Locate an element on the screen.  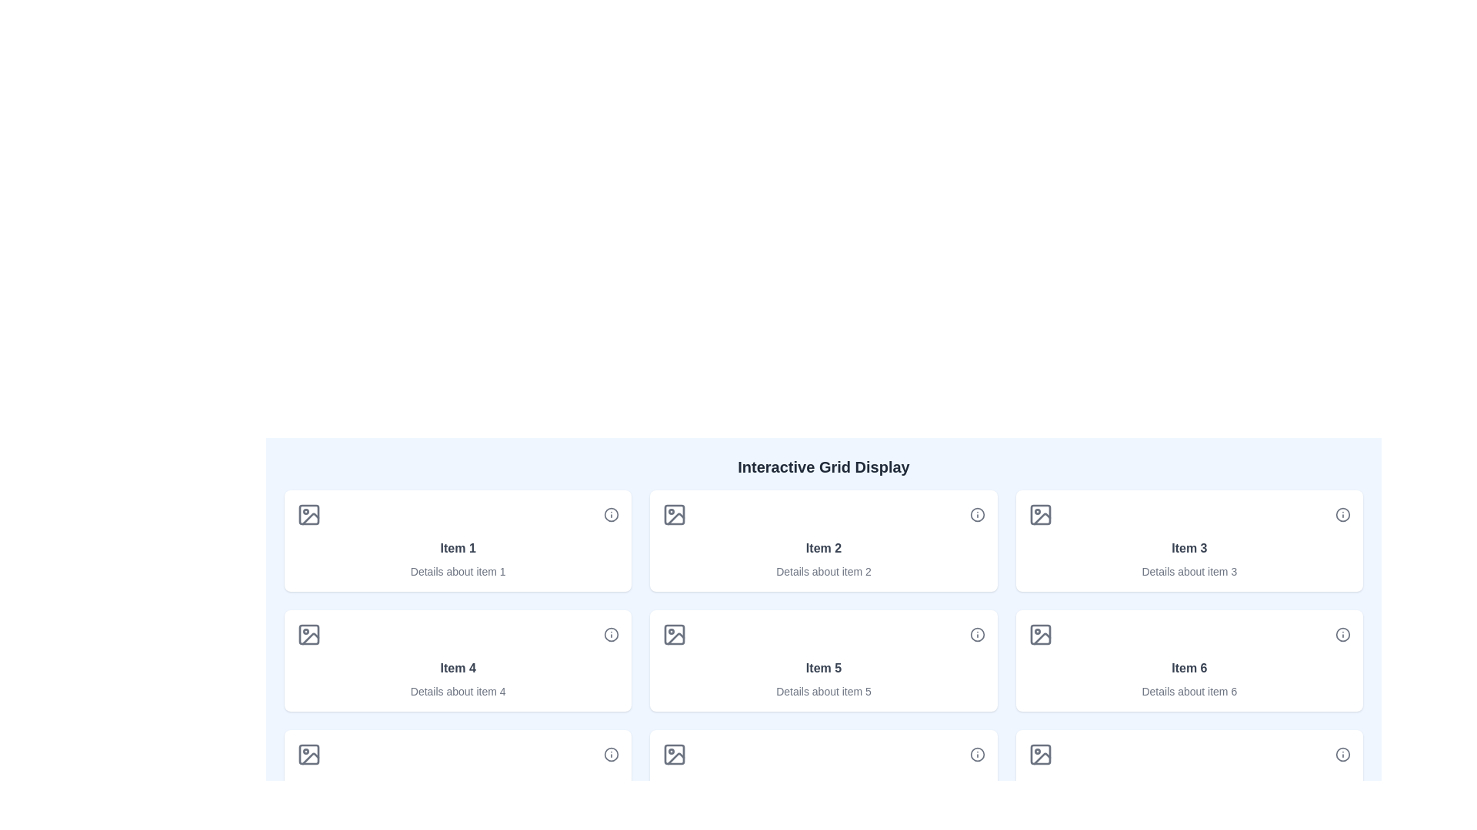
the circular information icon button with a gray border and blue hover effect located in the top-right corner of the 'Item 2' card is located at coordinates (976, 515).